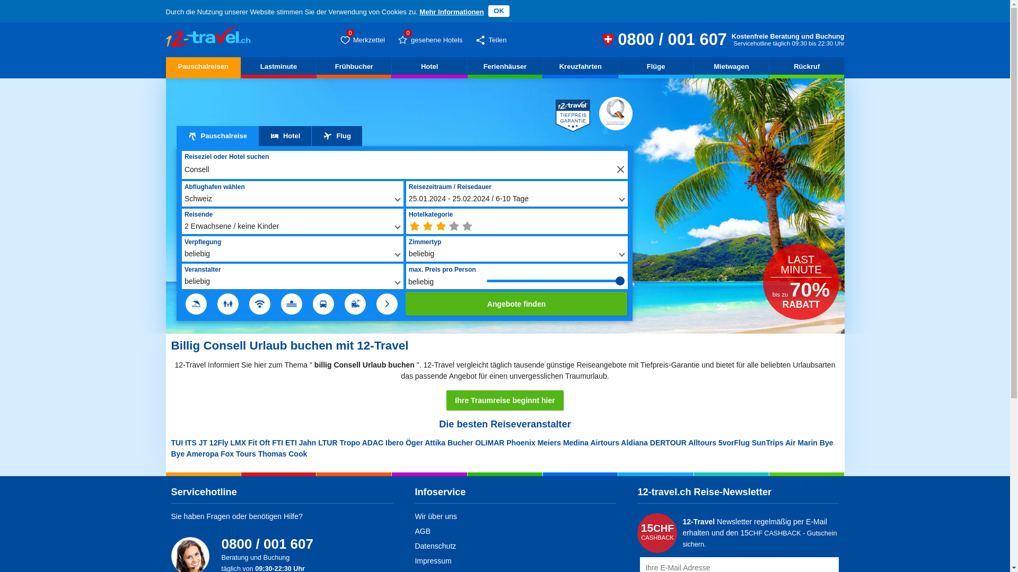 Image resolution: width=1018 pixels, height=572 pixels. What do you see at coordinates (307, 443) in the screenshot?
I see `'Jahn'` at bounding box center [307, 443].